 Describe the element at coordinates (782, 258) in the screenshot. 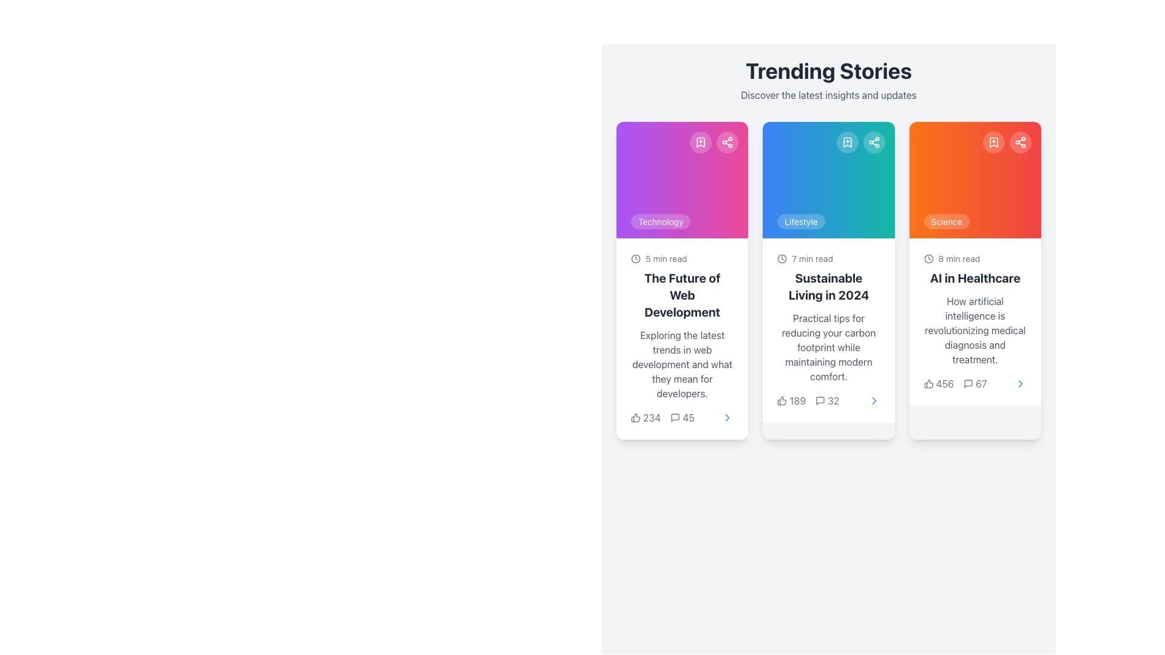

I see `the clock icon located to the immediate left of the text '7 min read' within the middle card titled 'Sustainable Living in 2024' for potential interaction` at that location.